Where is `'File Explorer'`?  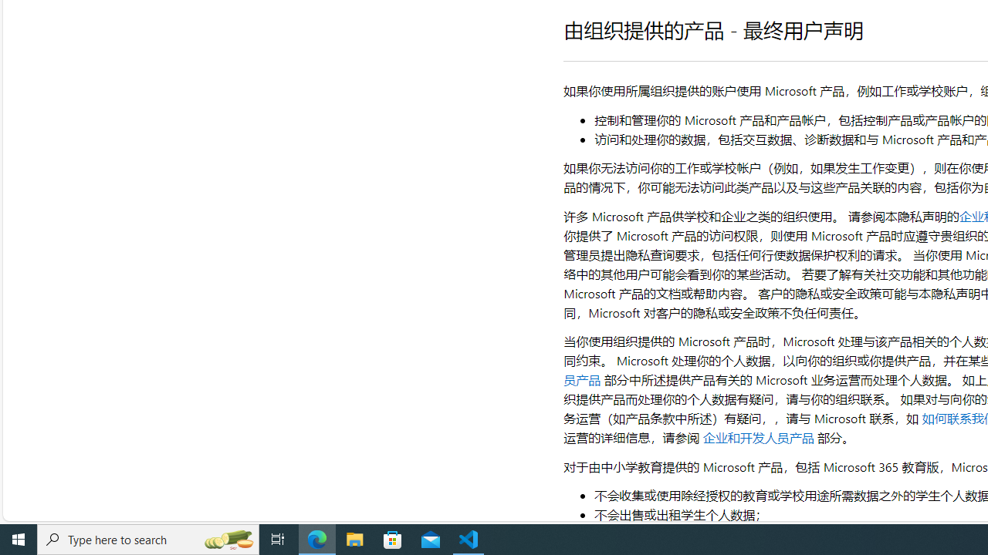
'File Explorer' is located at coordinates (354, 538).